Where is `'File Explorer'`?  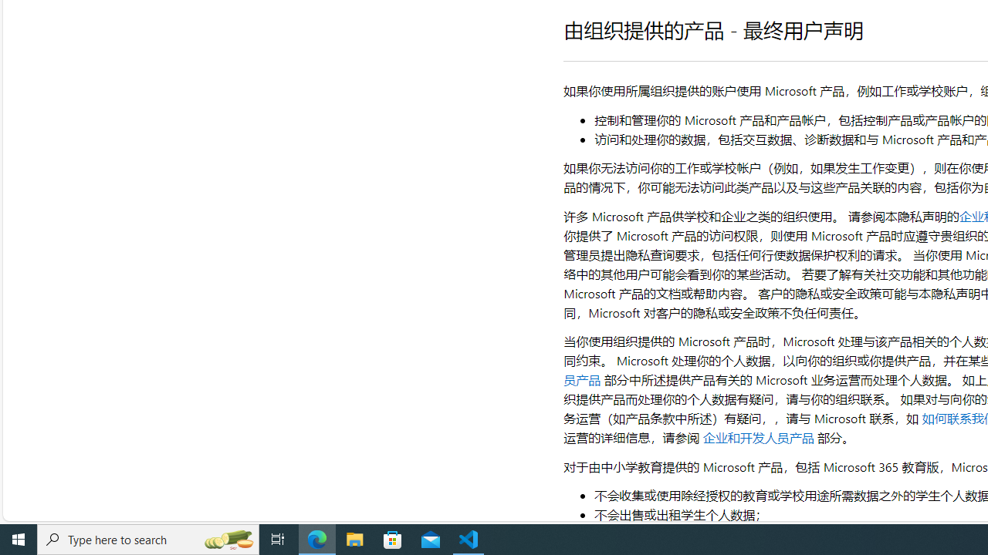
'File Explorer' is located at coordinates (354, 538).